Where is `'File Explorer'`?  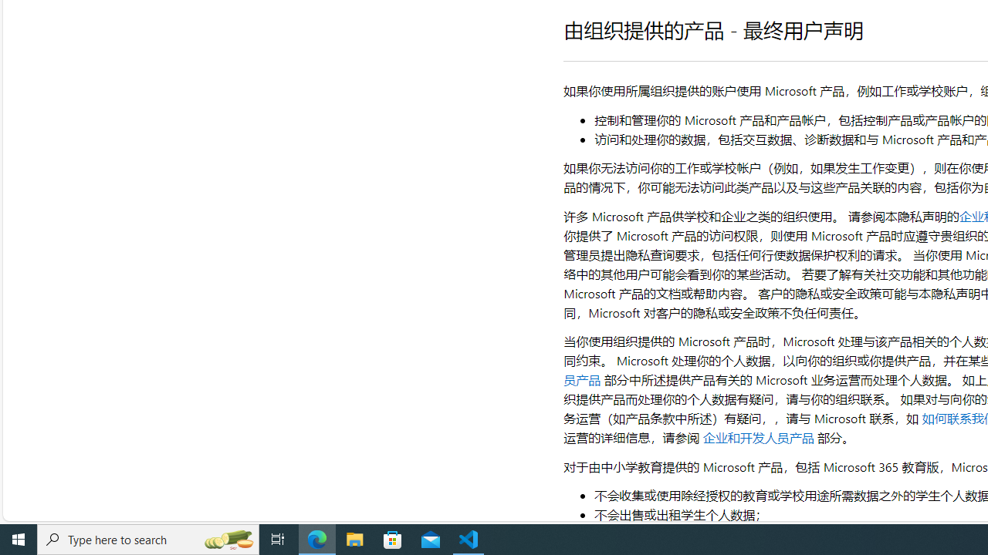
'File Explorer' is located at coordinates (354, 538).